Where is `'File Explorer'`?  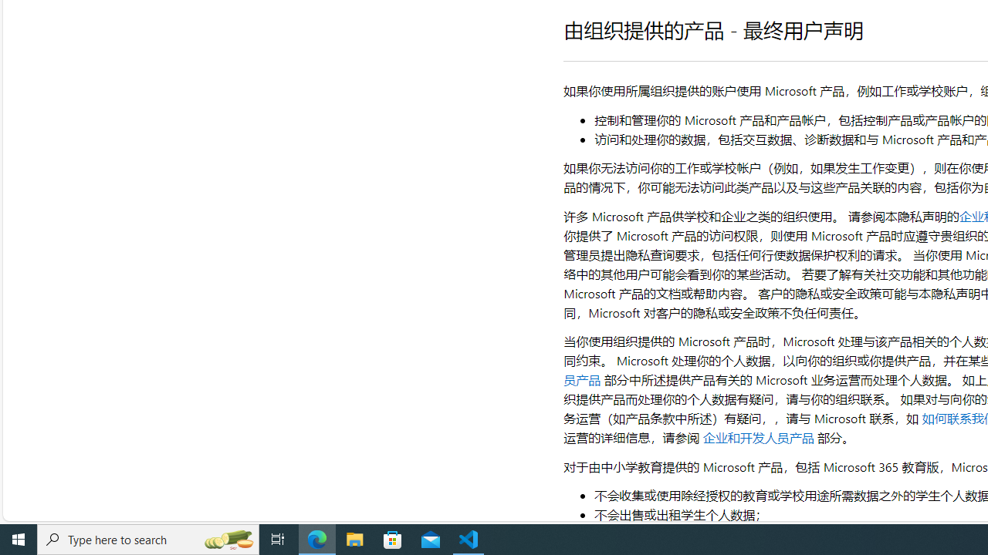
'File Explorer' is located at coordinates (354, 538).